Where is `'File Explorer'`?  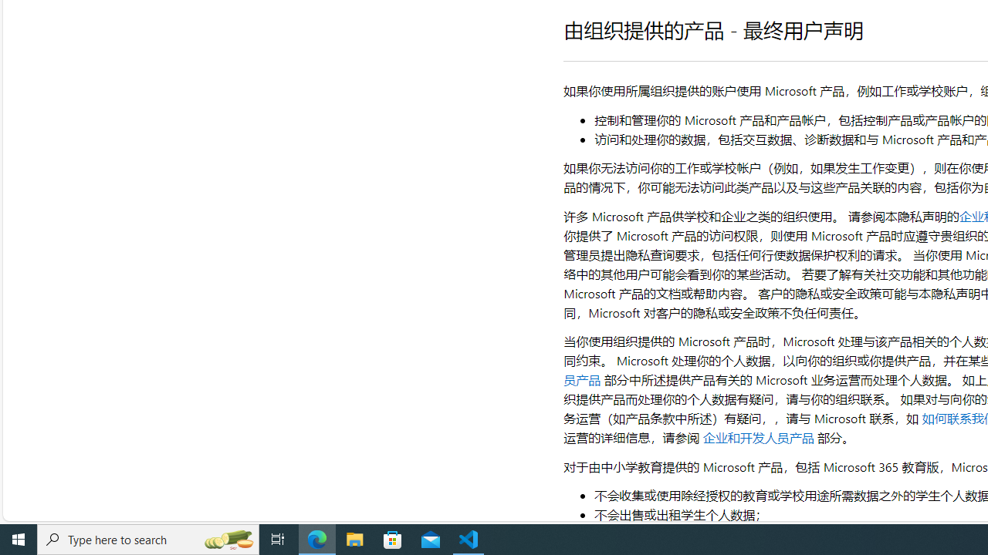
'File Explorer' is located at coordinates (354, 538).